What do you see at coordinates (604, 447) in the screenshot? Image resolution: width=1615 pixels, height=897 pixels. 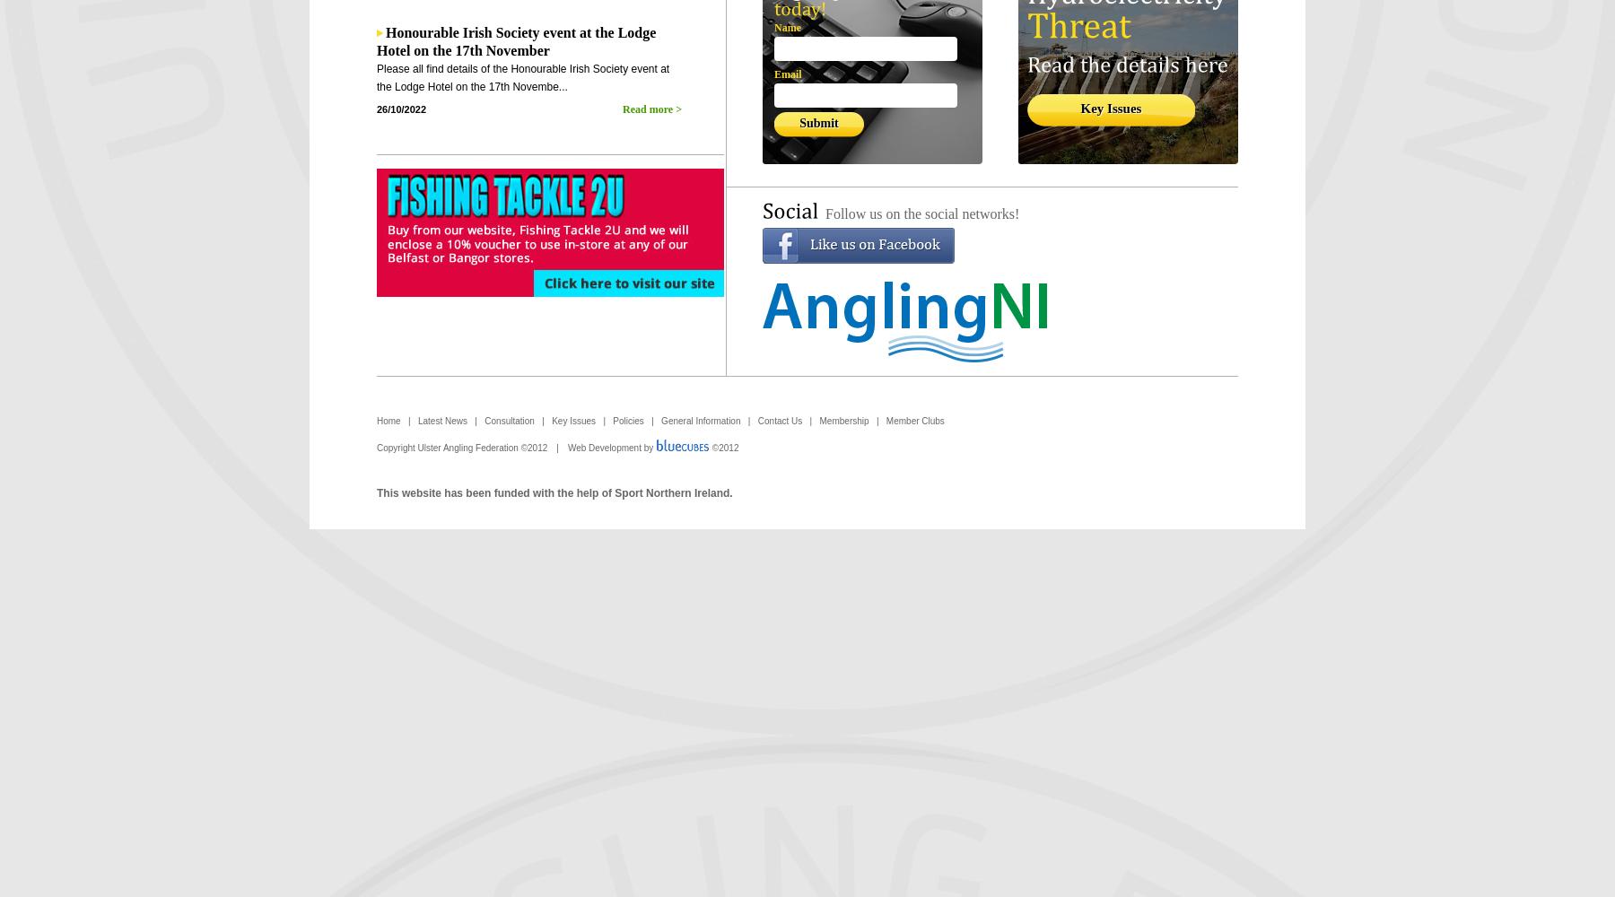 I see `'Web Development'` at bounding box center [604, 447].